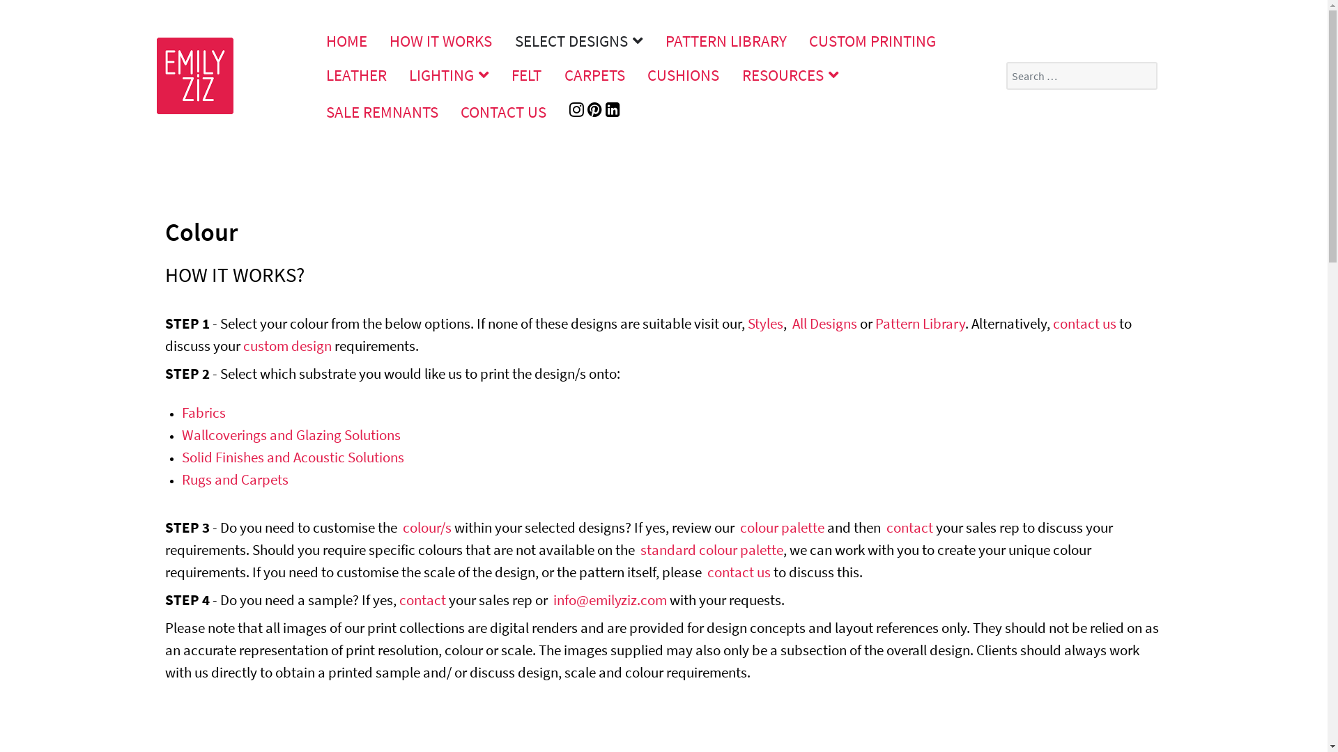 The height and width of the screenshot is (752, 1338). Describe the element at coordinates (525, 75) in the screenshot. I see `'FELT'` at that location.